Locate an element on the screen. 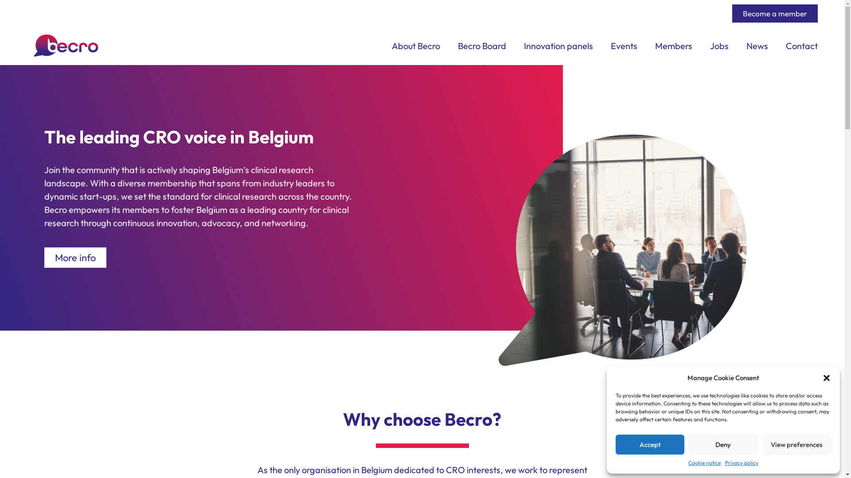 Image resolution: width=851 pixels, height=478 pixels. 'About Becro' is located at coordinates (415, 46).